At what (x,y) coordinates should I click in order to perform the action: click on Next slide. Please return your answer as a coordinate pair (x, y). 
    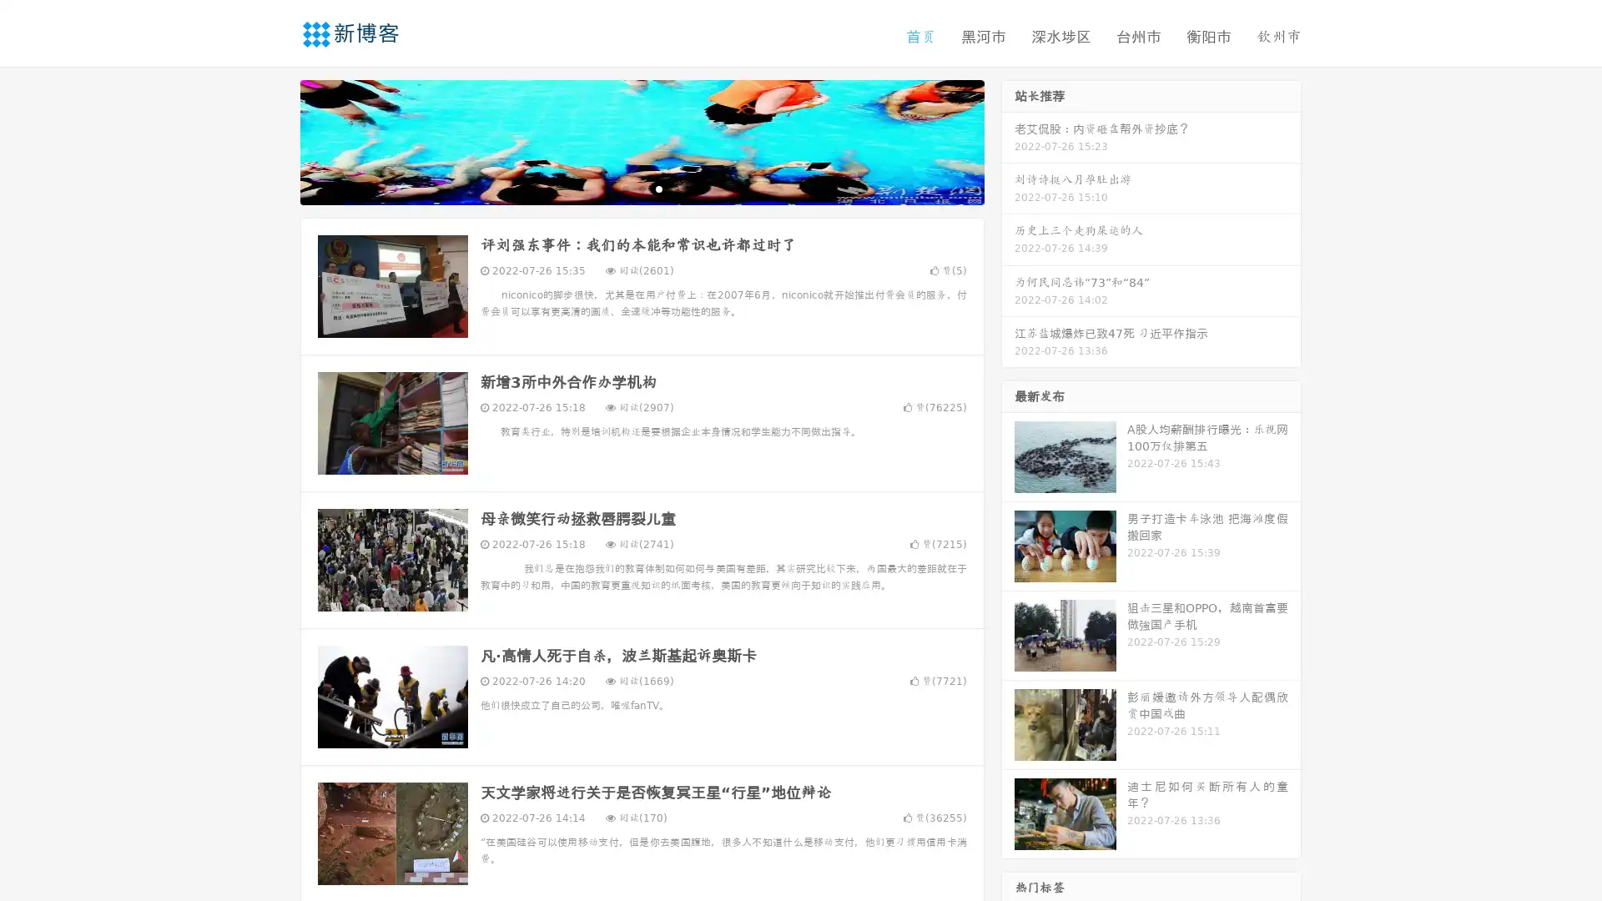
    Looking at the image, I should click on (1008, 140).